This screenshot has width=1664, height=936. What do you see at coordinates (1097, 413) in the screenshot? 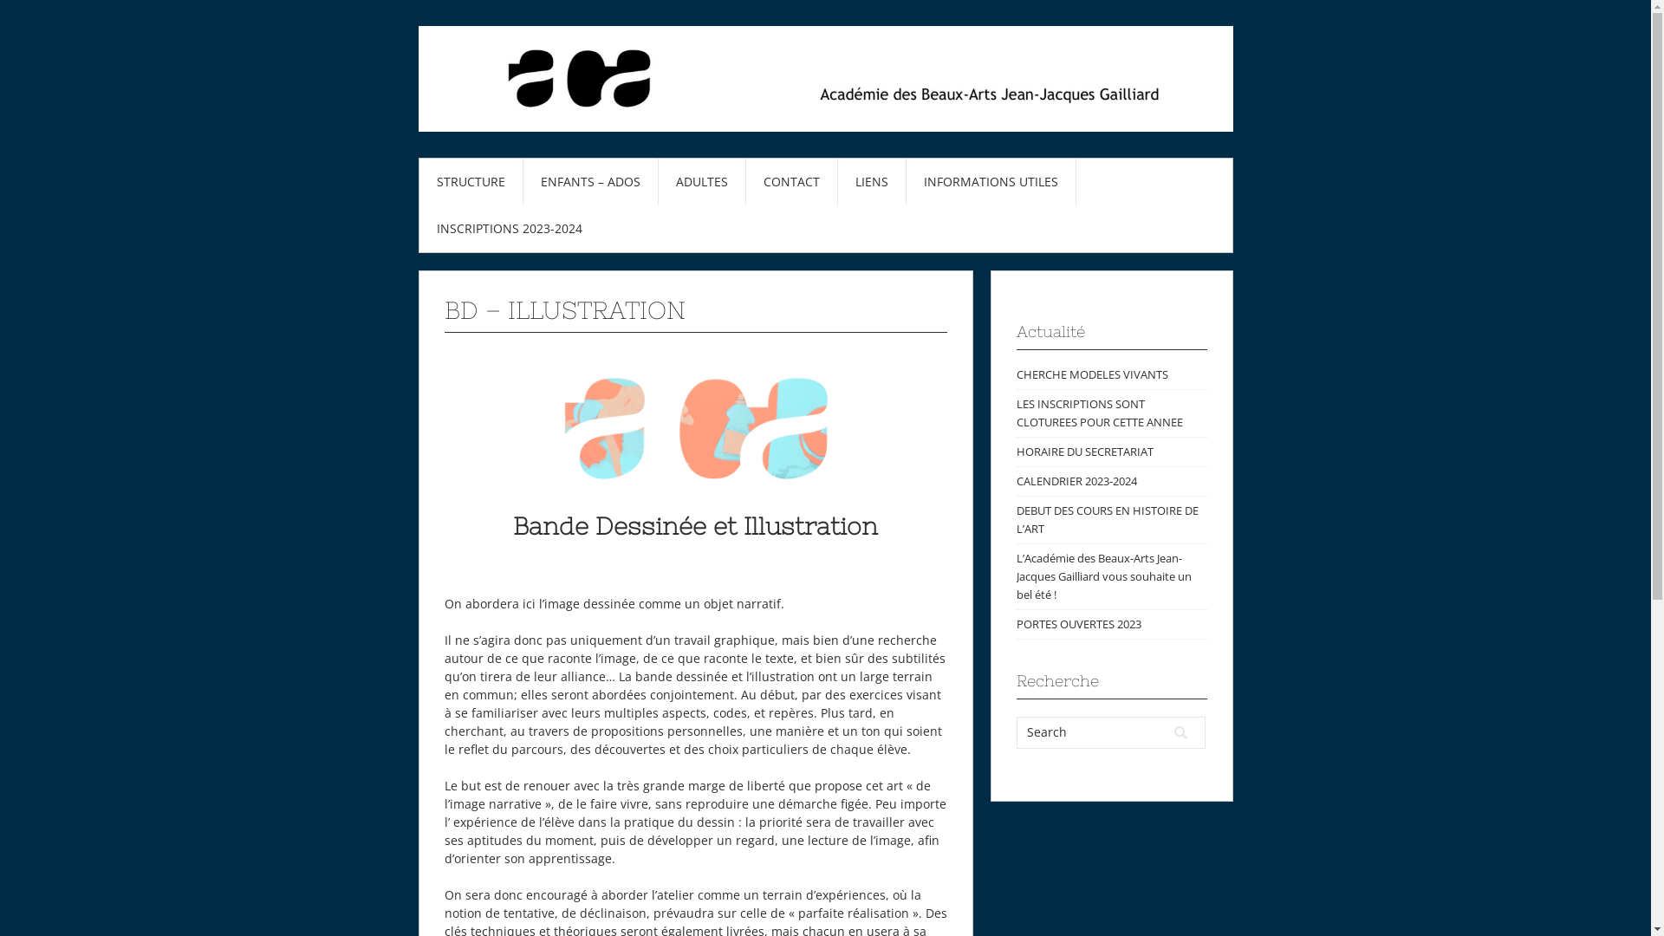
I see `'LES INSCRIPTIONS SONT CLOTUREES POUR CETTE ANNEE'` at bounding box center [1097, 413].